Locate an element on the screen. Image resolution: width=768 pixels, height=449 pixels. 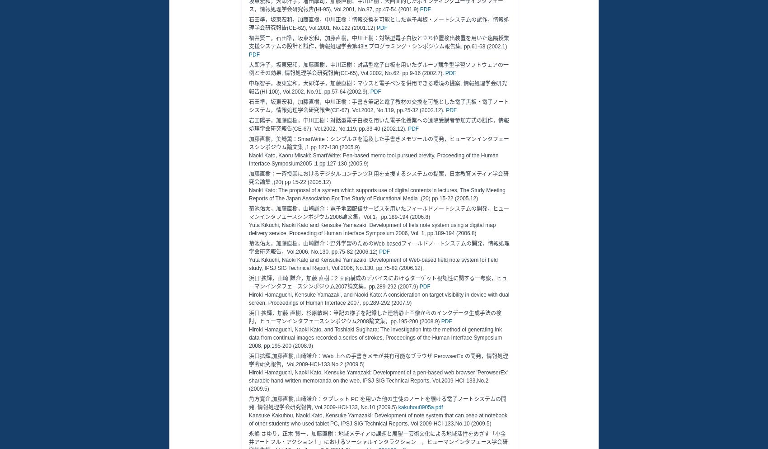
'浜口拡輝,加藤直樹,山崎謙介：Web 上への手書きメモが共有可能なブラウザ PerowserEx の開発，情報処理学会研究報告，Vol.2009-HCI-133,No.2 (2009.5)' is located at coordinates (378, 359).